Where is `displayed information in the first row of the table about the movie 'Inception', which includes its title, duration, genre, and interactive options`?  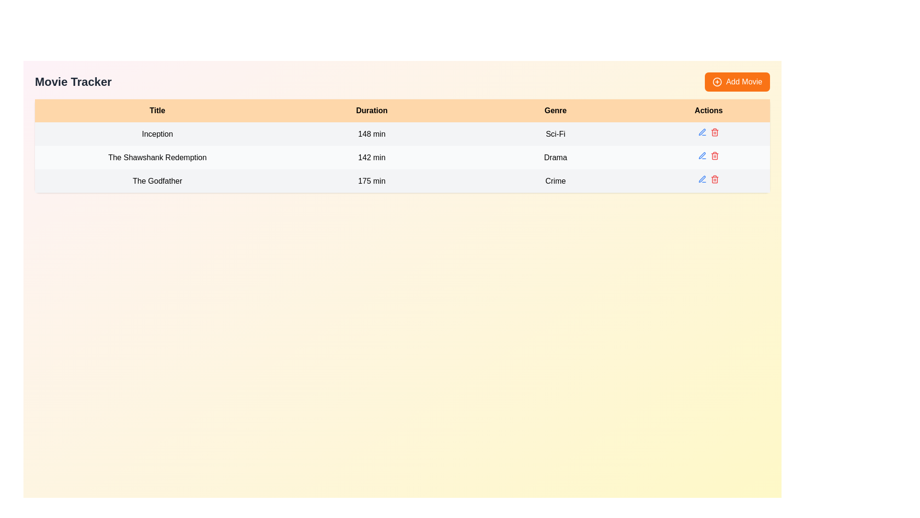 displayed information in the first row of the table about the movie 'Inception', which includes its title, duration, genre, and interactive options is located at coordinates (402, 134).